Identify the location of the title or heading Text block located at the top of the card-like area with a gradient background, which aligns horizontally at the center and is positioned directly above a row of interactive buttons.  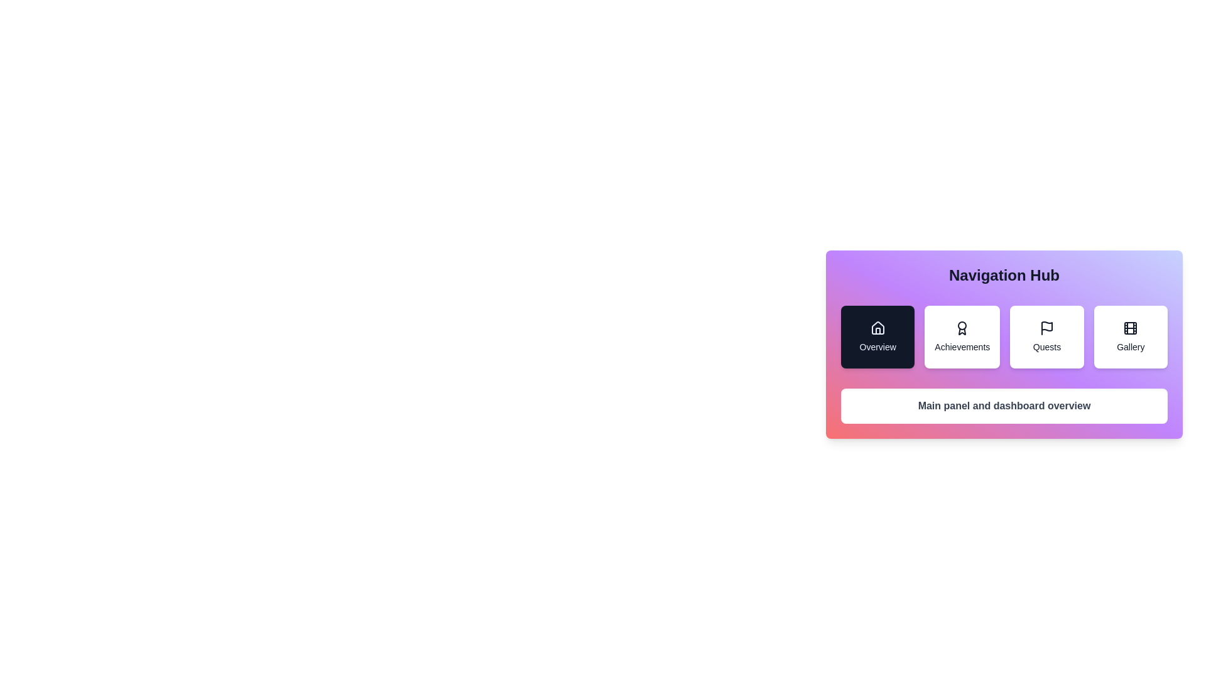
(1003, 275).